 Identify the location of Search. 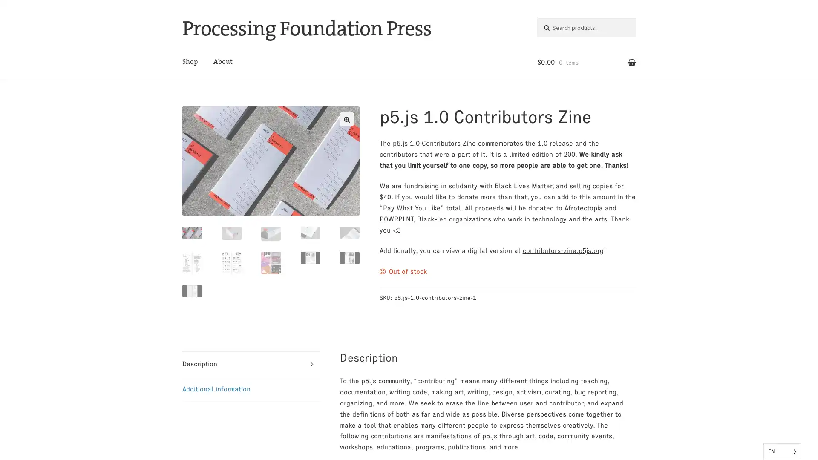
(554, 26).